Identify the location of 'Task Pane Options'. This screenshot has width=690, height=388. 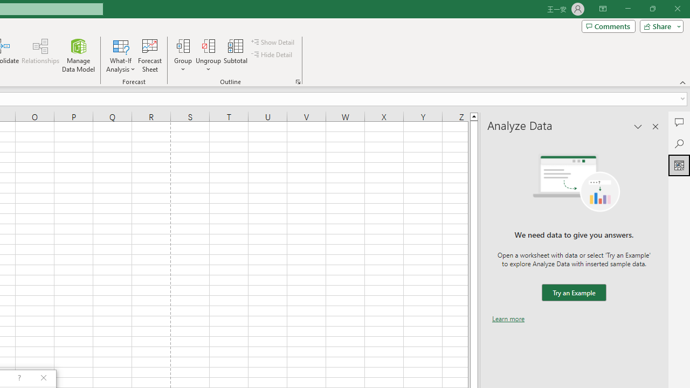
(638, 126).